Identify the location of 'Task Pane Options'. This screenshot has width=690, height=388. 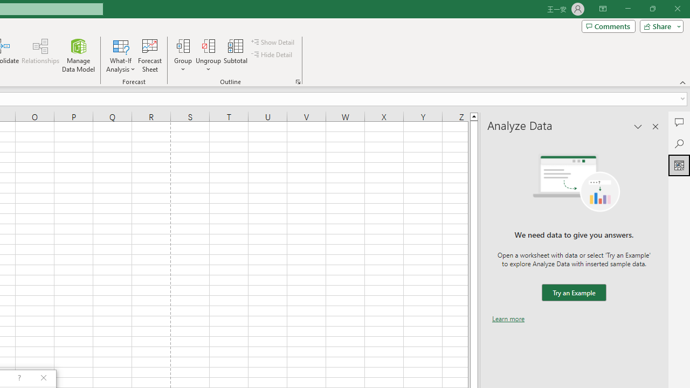
(638, 126).